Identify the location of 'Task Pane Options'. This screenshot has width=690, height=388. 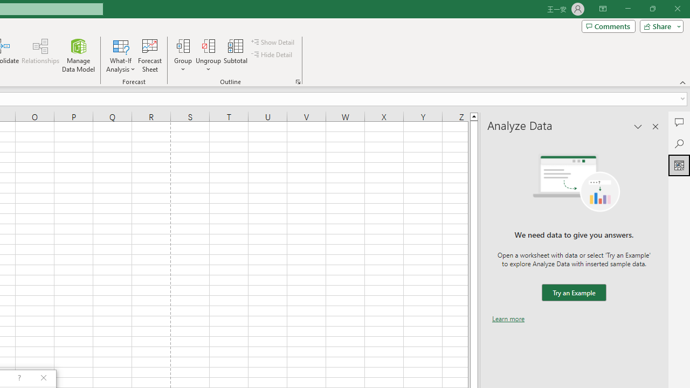
(638, 126).